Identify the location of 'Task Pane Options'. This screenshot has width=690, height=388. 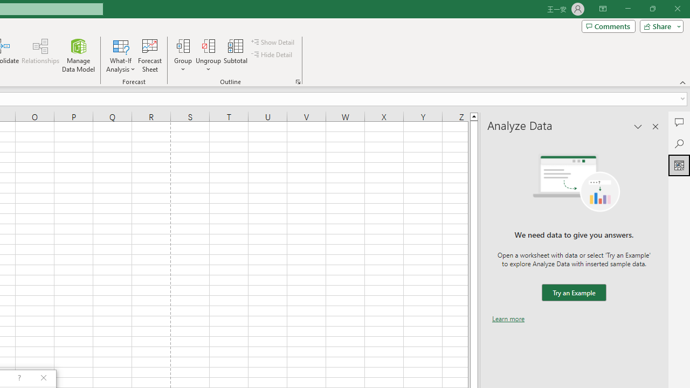
(638, 126).